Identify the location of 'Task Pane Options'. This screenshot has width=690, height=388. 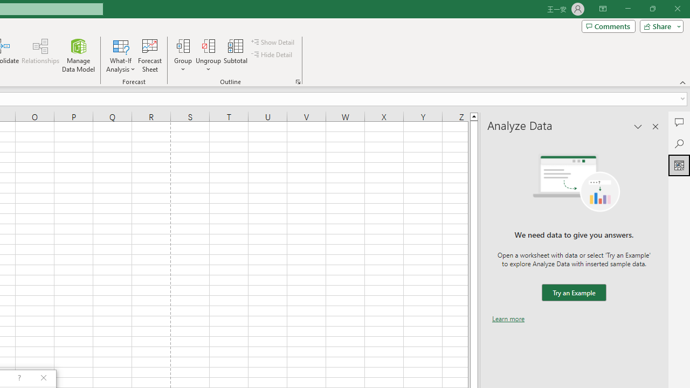
(638, 126).